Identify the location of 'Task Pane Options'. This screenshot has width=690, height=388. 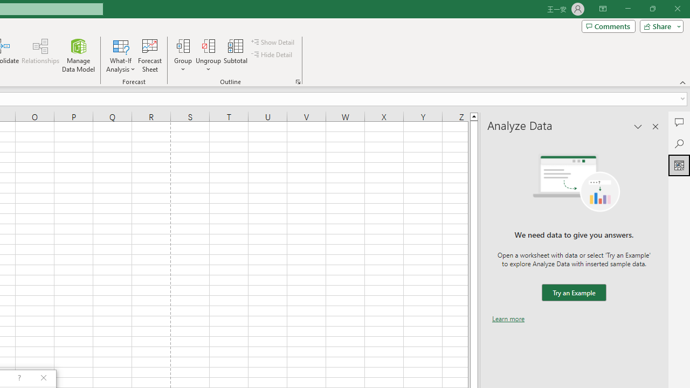
(638, 126).